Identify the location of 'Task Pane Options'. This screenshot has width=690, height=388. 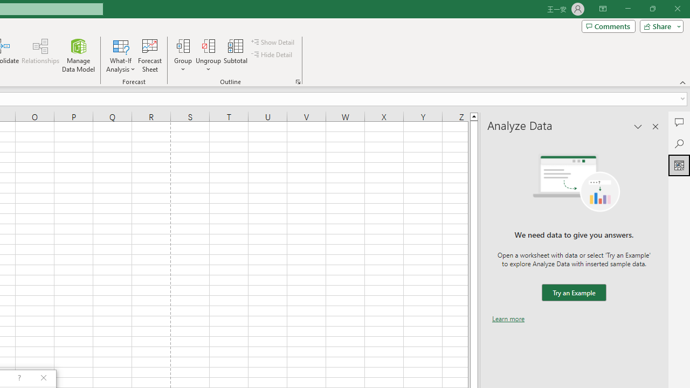
(638, 126).